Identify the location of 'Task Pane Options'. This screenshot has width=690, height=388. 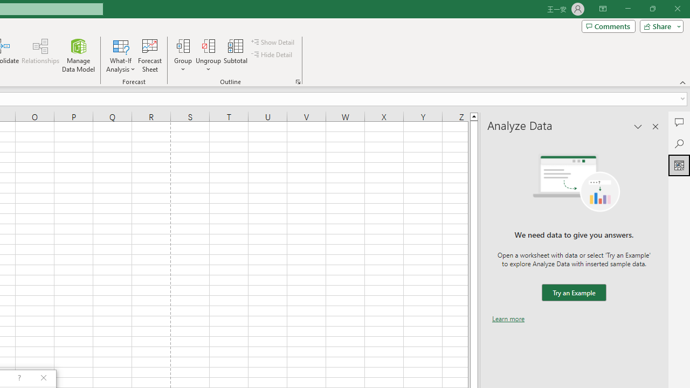
(638, 126).